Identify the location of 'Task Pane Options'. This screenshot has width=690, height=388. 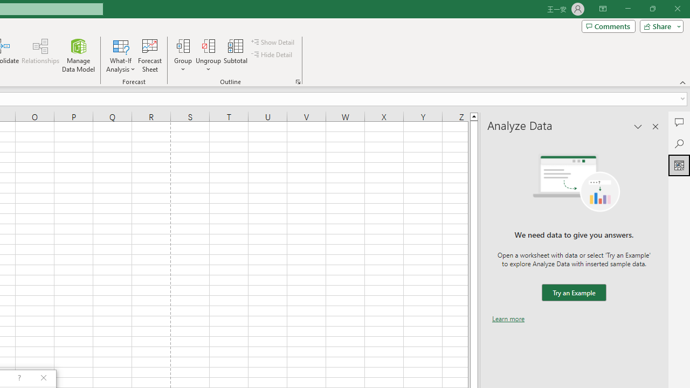
(638, 126).